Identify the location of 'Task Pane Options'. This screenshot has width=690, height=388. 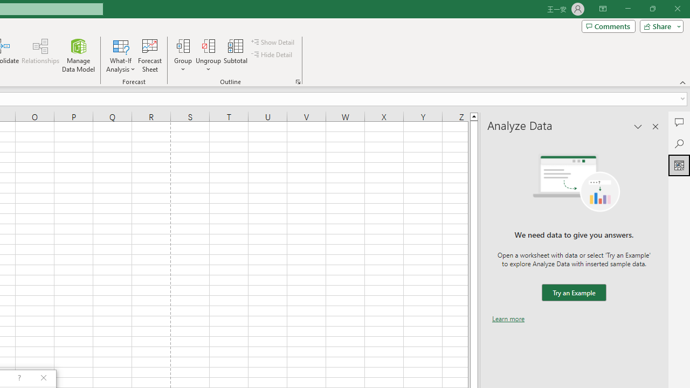
(638, 126).